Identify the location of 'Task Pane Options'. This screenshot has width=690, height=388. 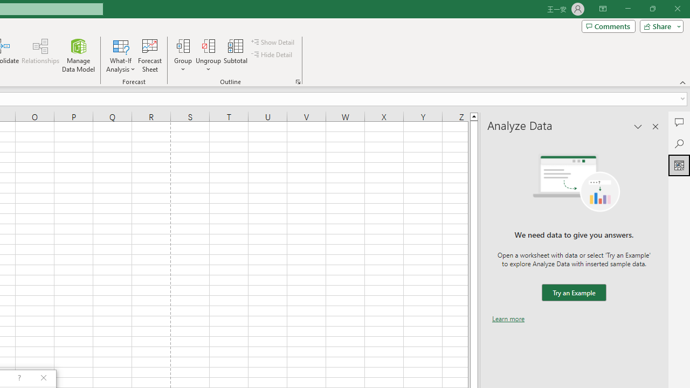
(638, 126).